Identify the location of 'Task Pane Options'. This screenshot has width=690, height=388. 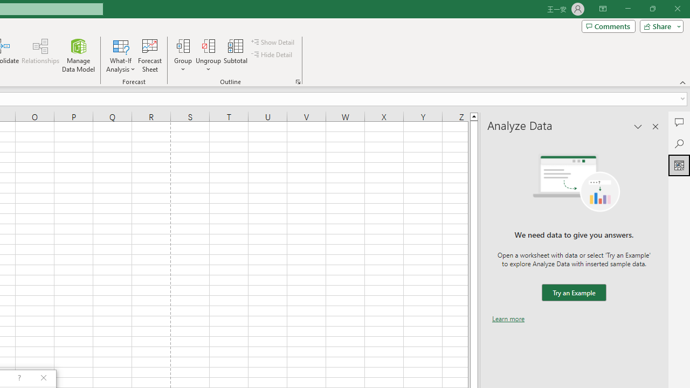
(638, 126).